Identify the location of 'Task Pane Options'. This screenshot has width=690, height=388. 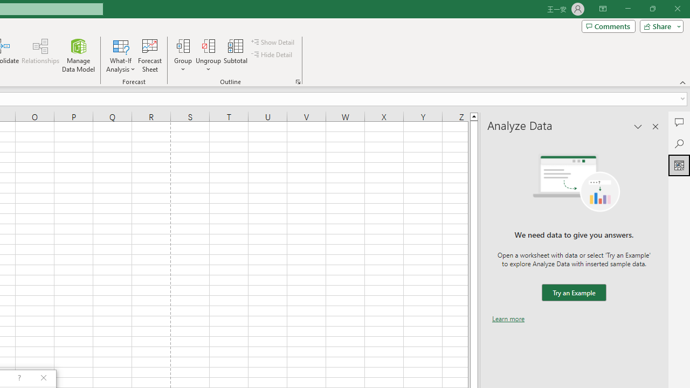
(638, 126).